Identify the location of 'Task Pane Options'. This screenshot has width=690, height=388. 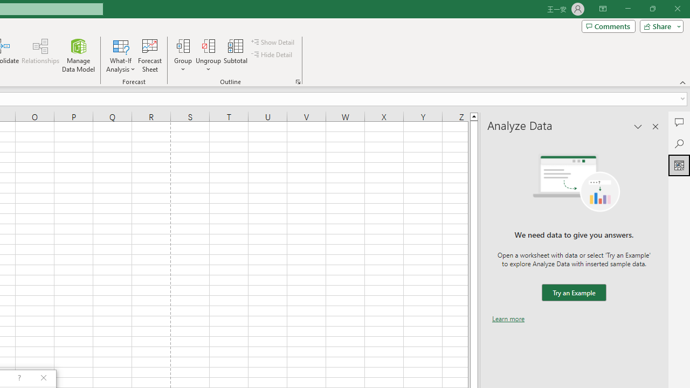
(638, 126).